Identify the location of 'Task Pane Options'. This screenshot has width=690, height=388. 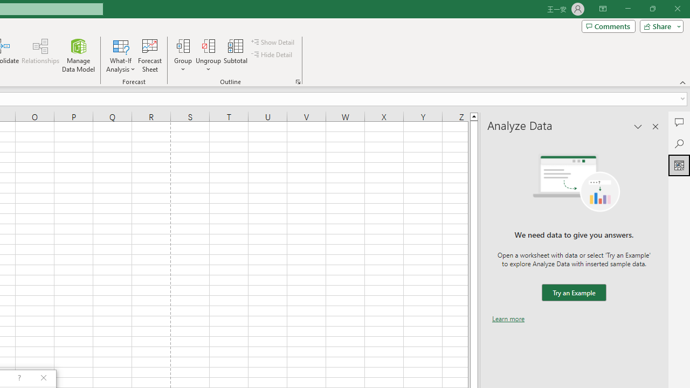
(638, 126).